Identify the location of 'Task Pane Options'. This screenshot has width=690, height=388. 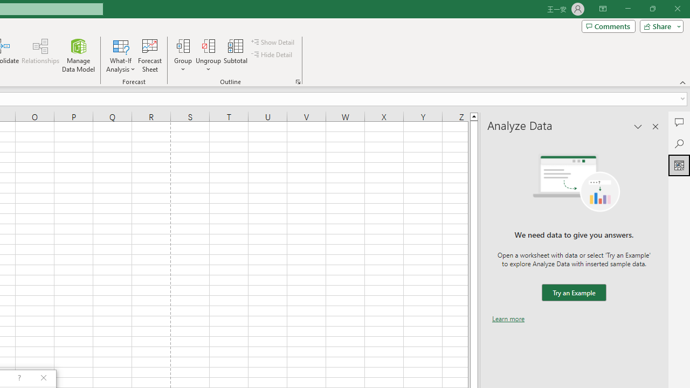
(638, 126).